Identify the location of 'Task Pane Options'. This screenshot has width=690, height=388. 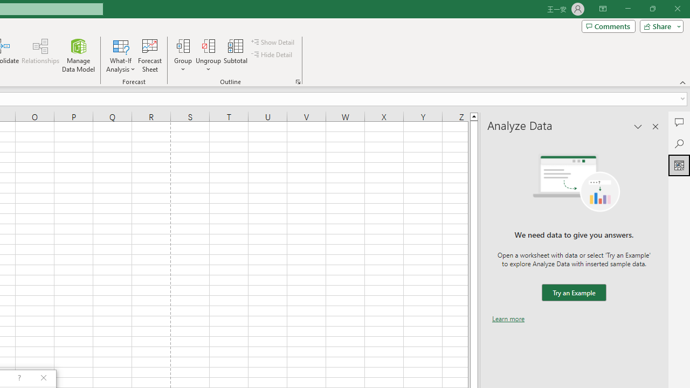
(638, 126).